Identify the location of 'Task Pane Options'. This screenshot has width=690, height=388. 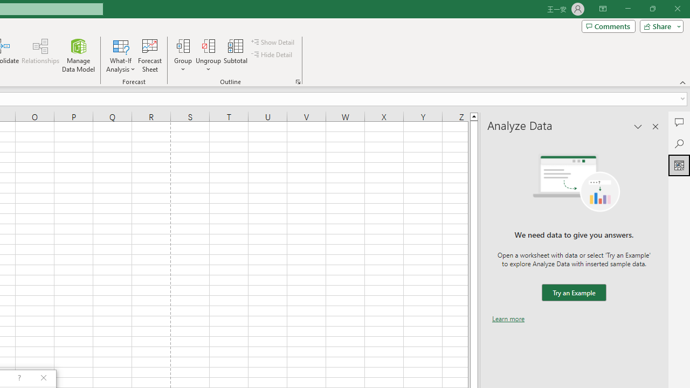
(638, 126).